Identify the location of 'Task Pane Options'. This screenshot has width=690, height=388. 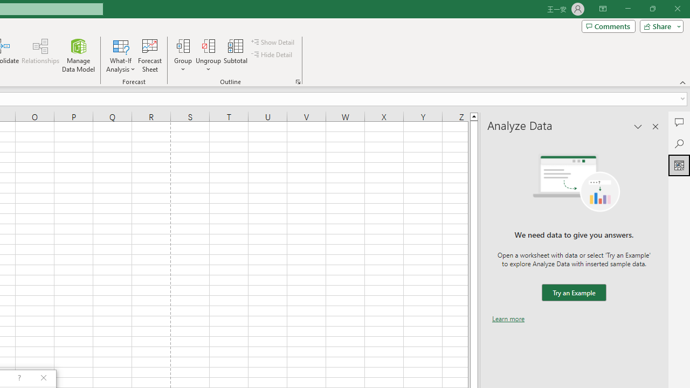
(638, 126).